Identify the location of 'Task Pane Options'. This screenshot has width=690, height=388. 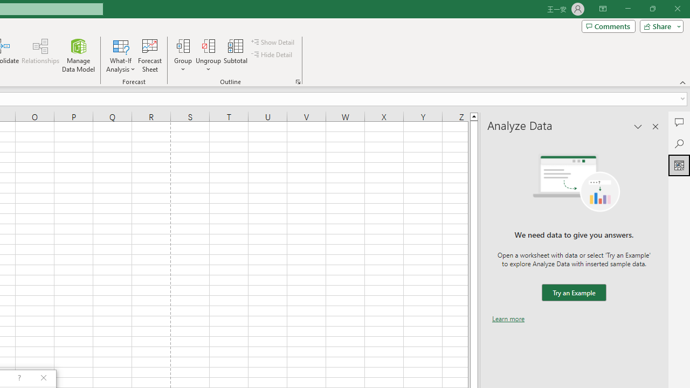
(638, 126).